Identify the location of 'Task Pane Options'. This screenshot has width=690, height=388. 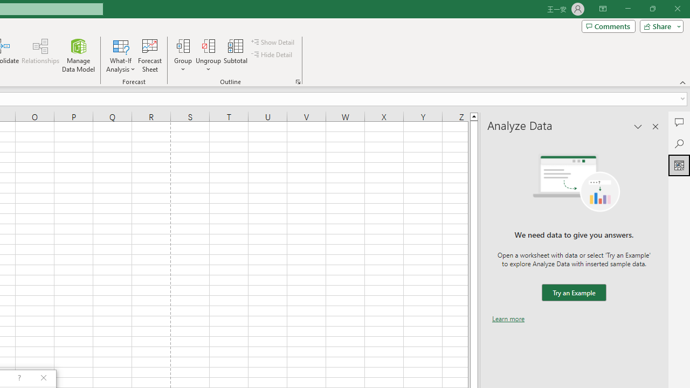
(638, 126).